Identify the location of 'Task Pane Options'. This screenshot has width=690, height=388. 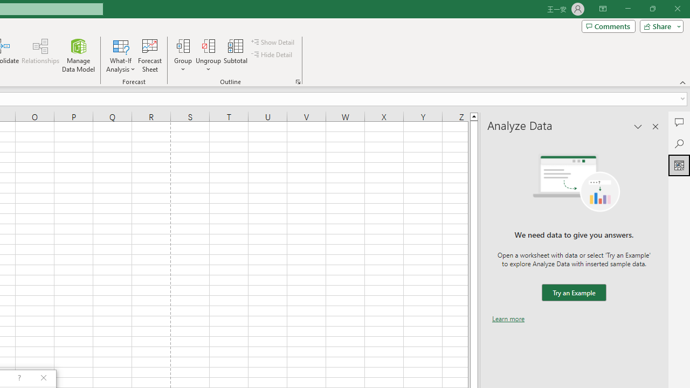
(638, 126).